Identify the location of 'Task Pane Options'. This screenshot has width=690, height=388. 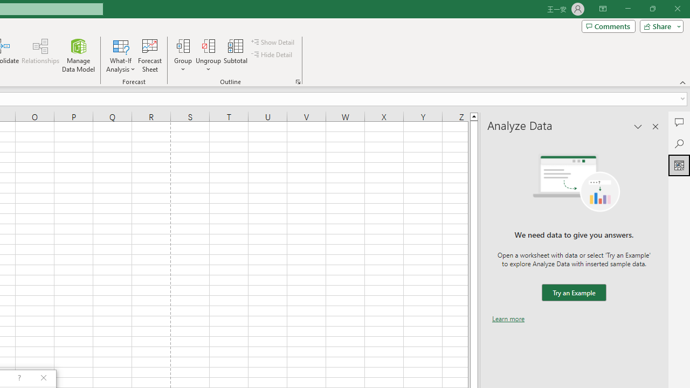
(638, 126).